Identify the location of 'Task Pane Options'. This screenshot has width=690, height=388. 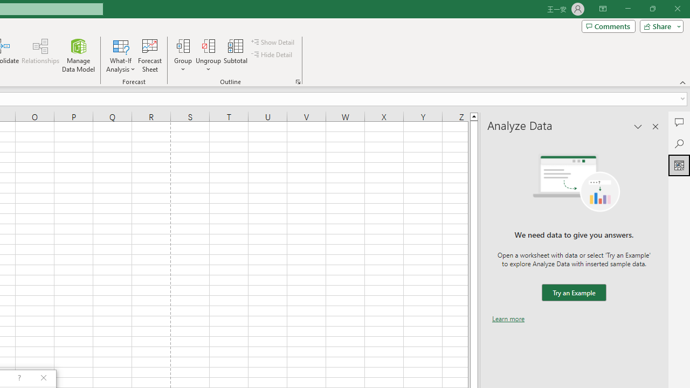
(638, 126).